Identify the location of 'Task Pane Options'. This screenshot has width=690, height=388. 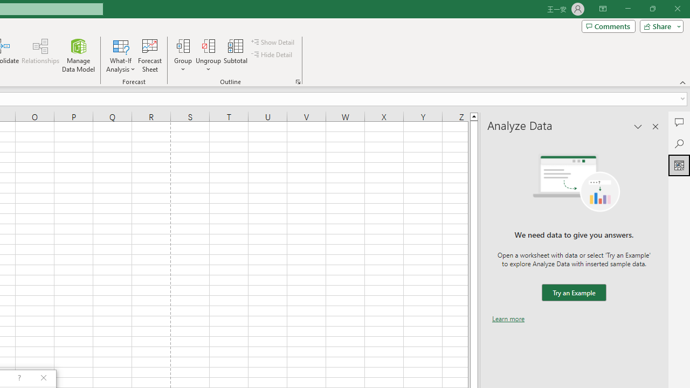
(638, 126).